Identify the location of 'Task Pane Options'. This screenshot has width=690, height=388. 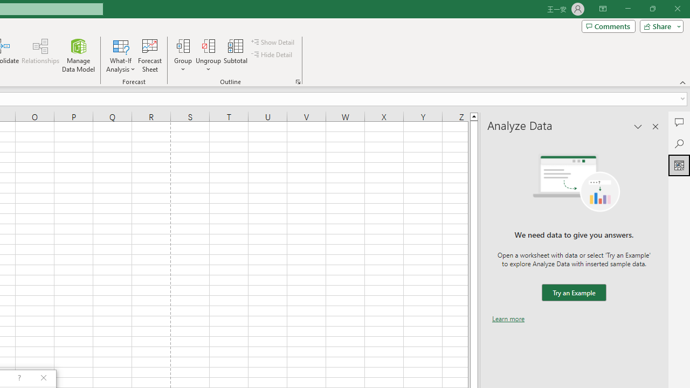
(638, 126).